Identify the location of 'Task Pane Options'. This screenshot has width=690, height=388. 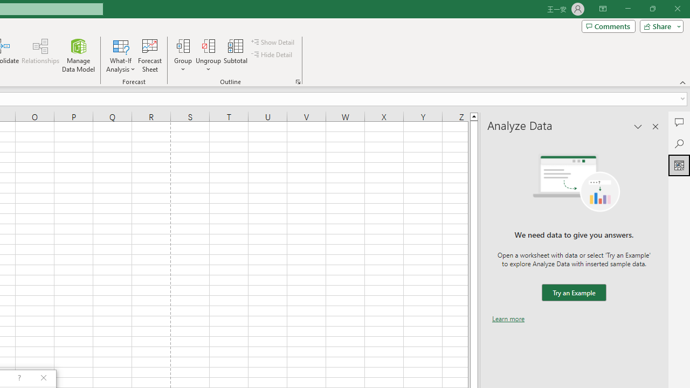
(638, 126).